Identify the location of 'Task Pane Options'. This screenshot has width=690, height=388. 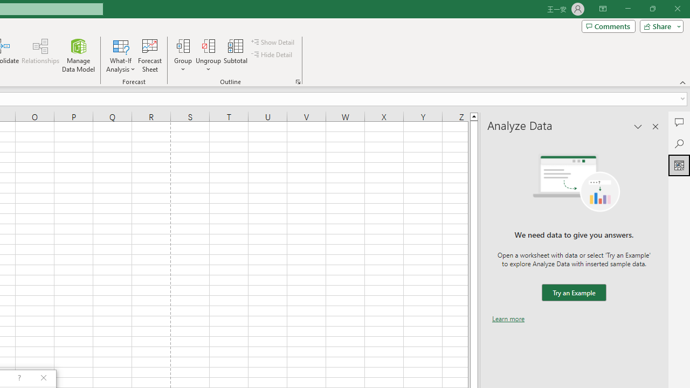
(638, 126).